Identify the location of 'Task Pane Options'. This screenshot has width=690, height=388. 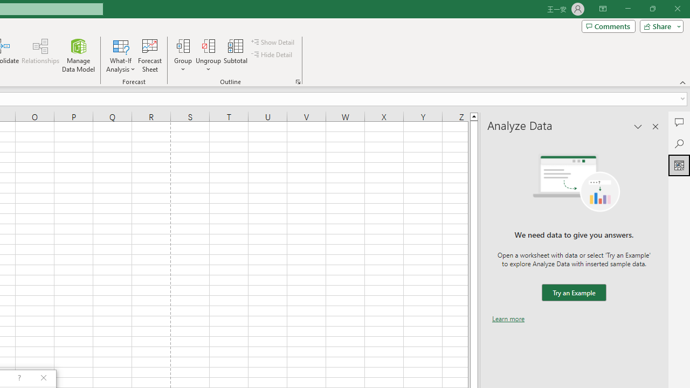
(638, 126).